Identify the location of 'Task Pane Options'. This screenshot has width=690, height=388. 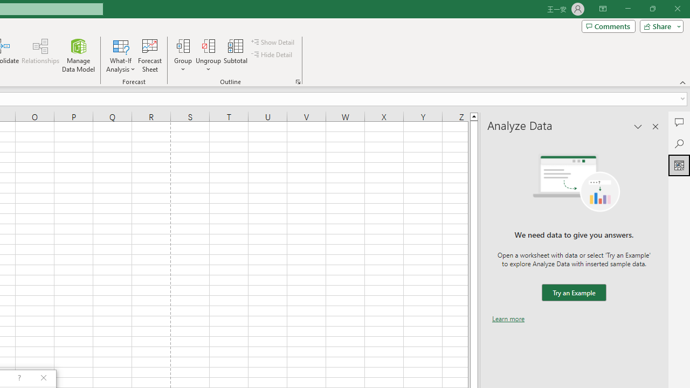
(638, 126).